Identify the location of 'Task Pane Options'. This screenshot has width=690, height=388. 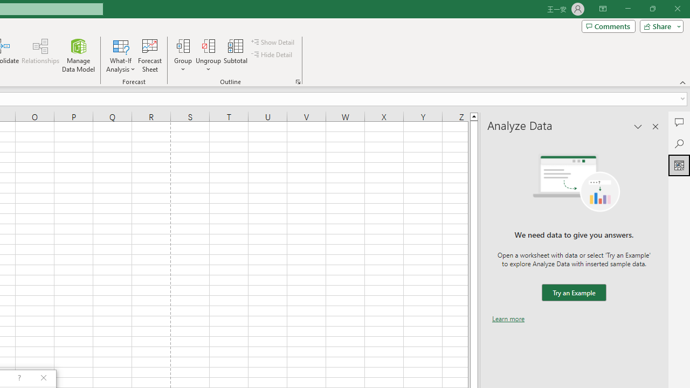
(638, 126).